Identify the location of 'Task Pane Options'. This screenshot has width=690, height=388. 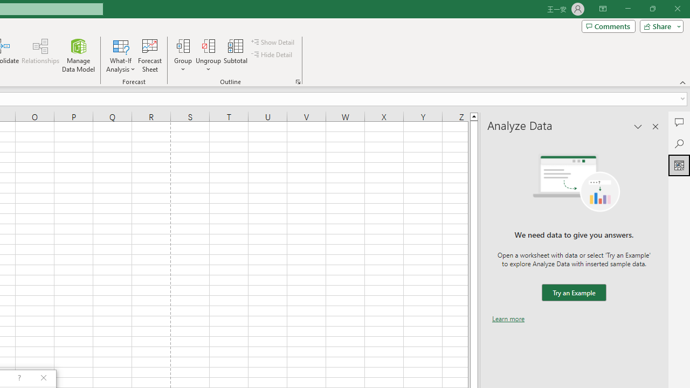
(638, 126).